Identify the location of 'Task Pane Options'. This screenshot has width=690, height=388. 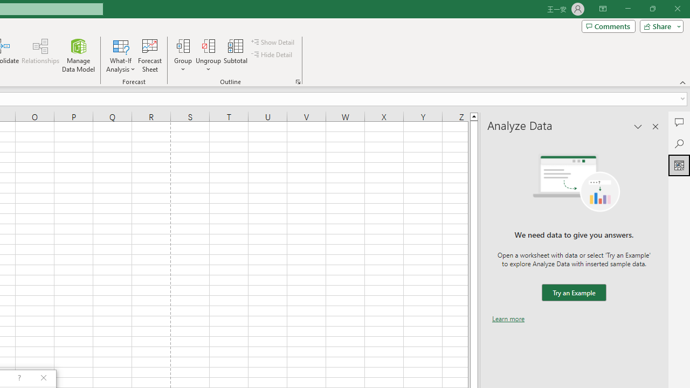
(638, 126).